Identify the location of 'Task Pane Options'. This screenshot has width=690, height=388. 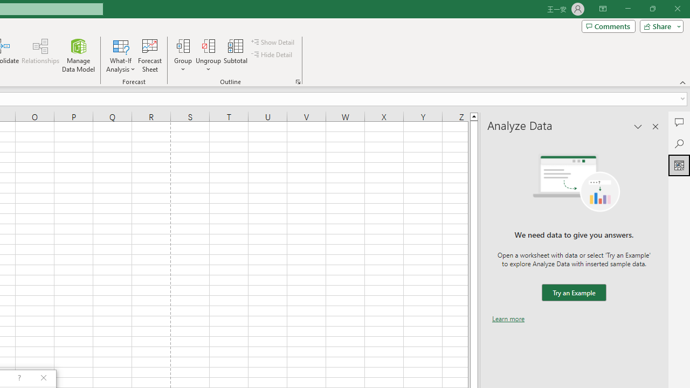
(638, 126).